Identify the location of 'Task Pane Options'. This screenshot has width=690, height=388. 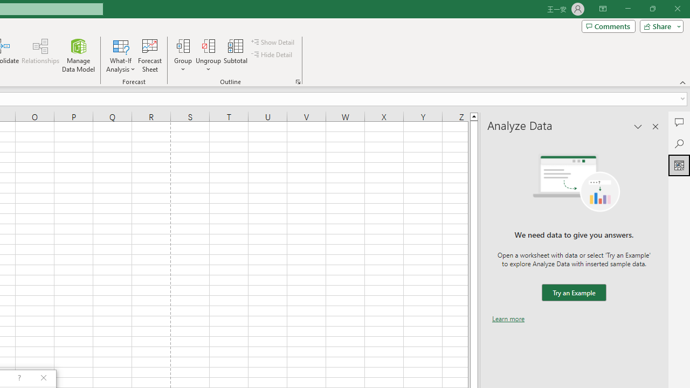
(638, 126).